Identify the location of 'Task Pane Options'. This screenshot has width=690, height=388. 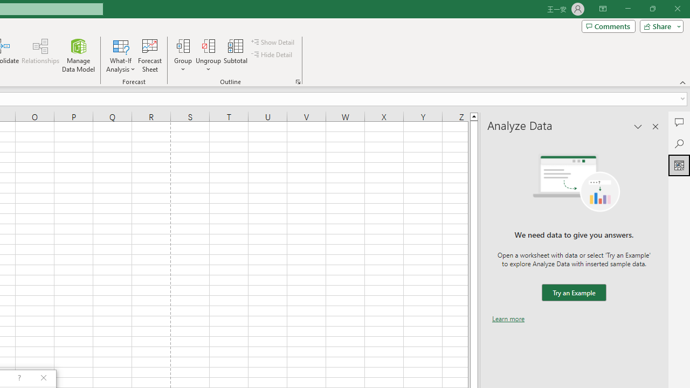
(638, 126).